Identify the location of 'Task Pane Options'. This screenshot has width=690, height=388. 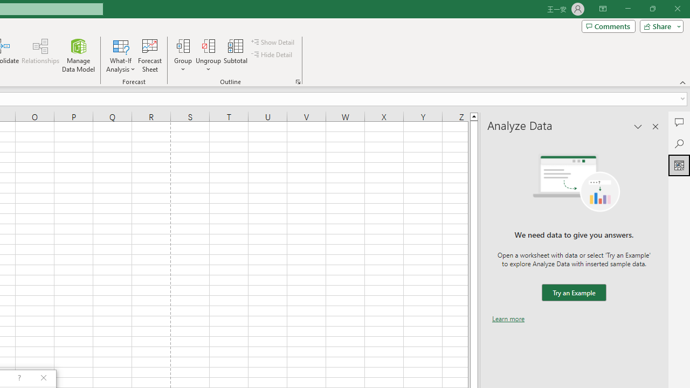
(638, 126).